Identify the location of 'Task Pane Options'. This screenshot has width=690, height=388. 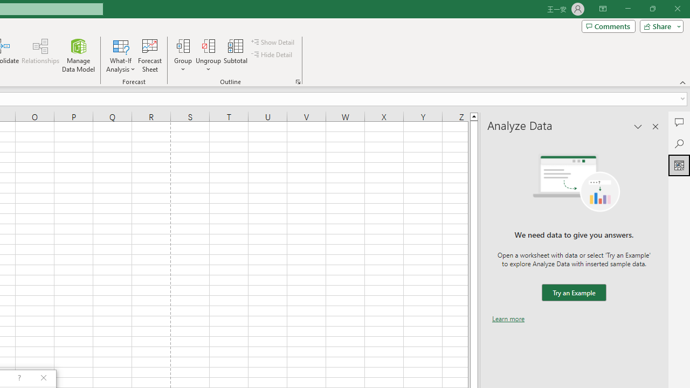
(638, 126).